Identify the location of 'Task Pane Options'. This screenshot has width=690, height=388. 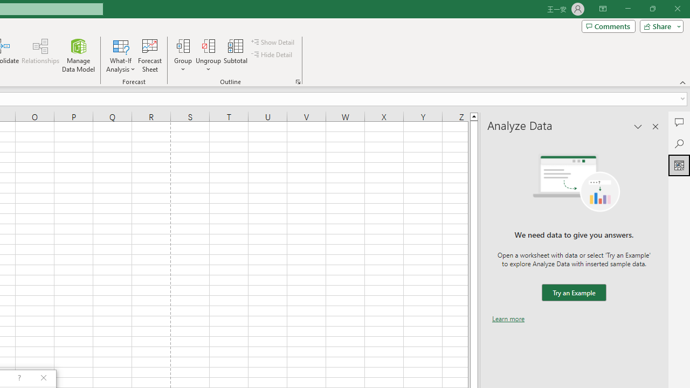
(638, 126).